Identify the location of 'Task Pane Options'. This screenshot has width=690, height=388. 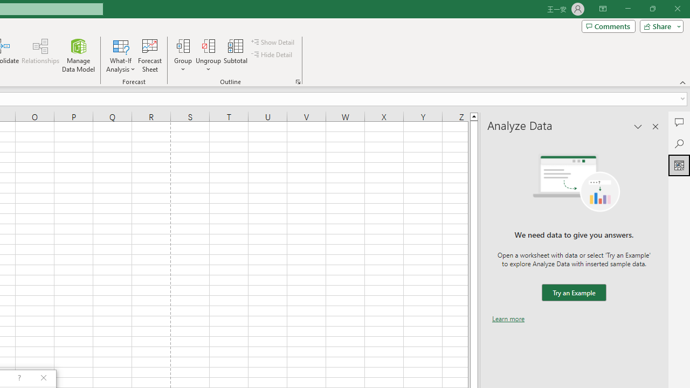
(638, 126).